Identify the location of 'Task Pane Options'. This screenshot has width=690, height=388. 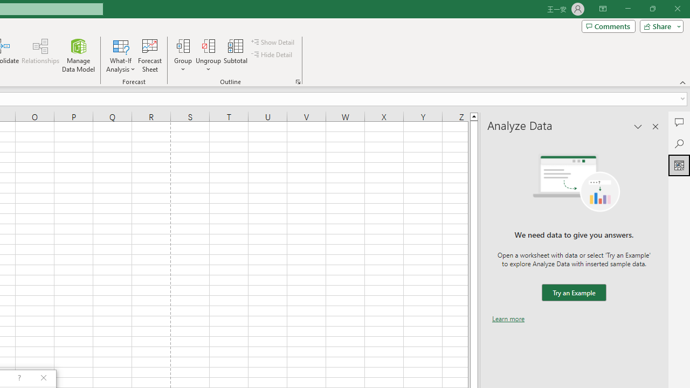
(638, 126).